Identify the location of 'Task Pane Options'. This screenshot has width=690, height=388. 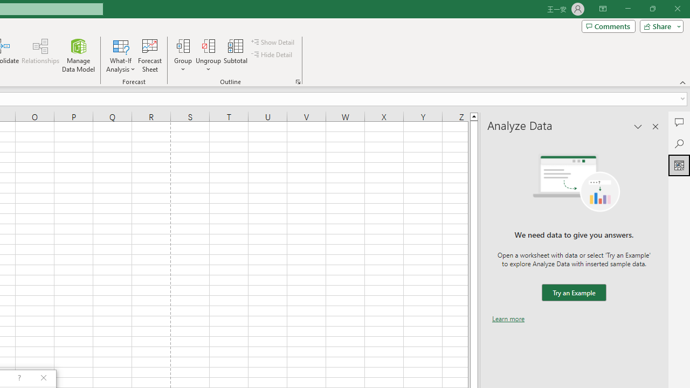
(638, 126).